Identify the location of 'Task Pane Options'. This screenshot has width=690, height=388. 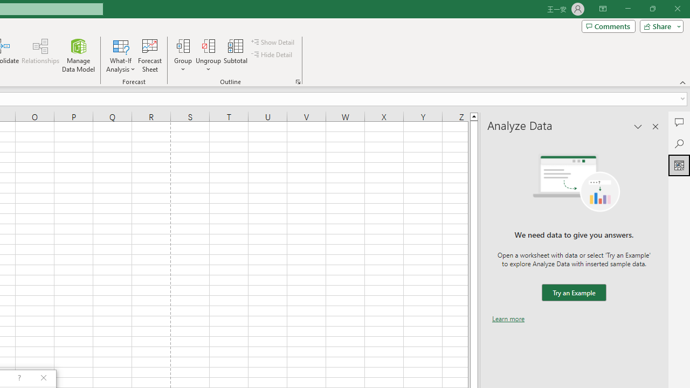
(638, 126).